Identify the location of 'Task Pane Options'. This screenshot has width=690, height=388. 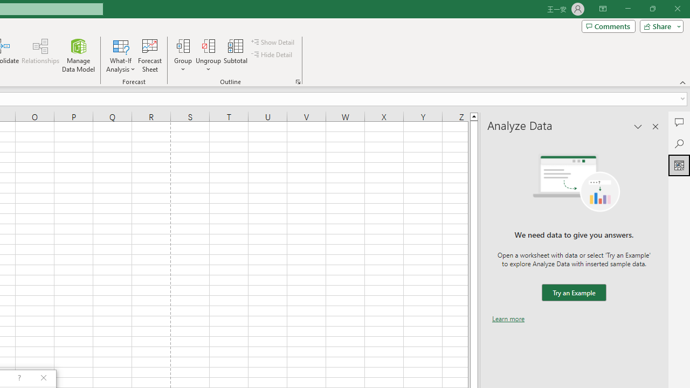
(638, 126).